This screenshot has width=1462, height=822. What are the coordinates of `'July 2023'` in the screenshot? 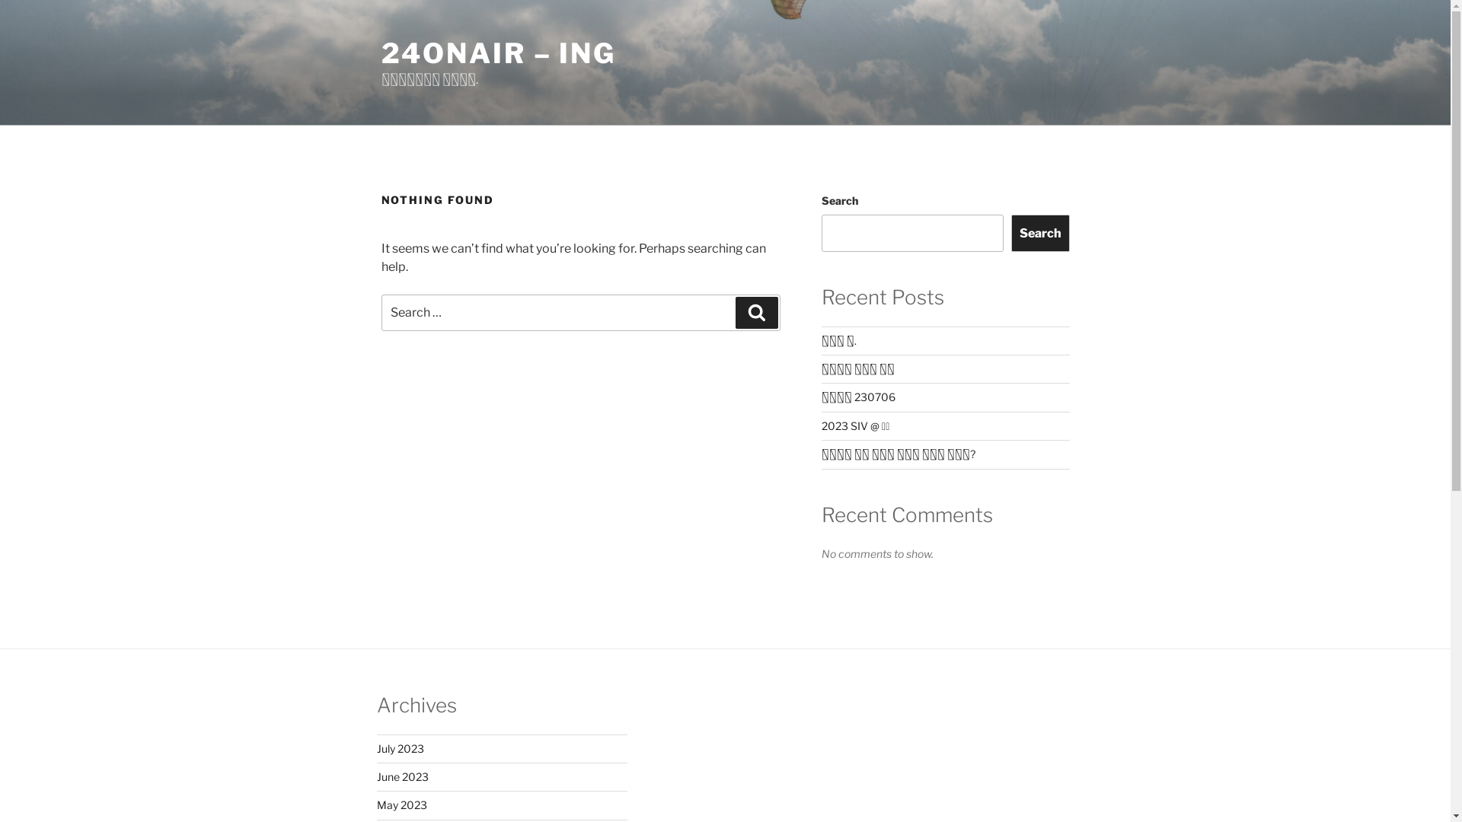 It's located at (399, 747).